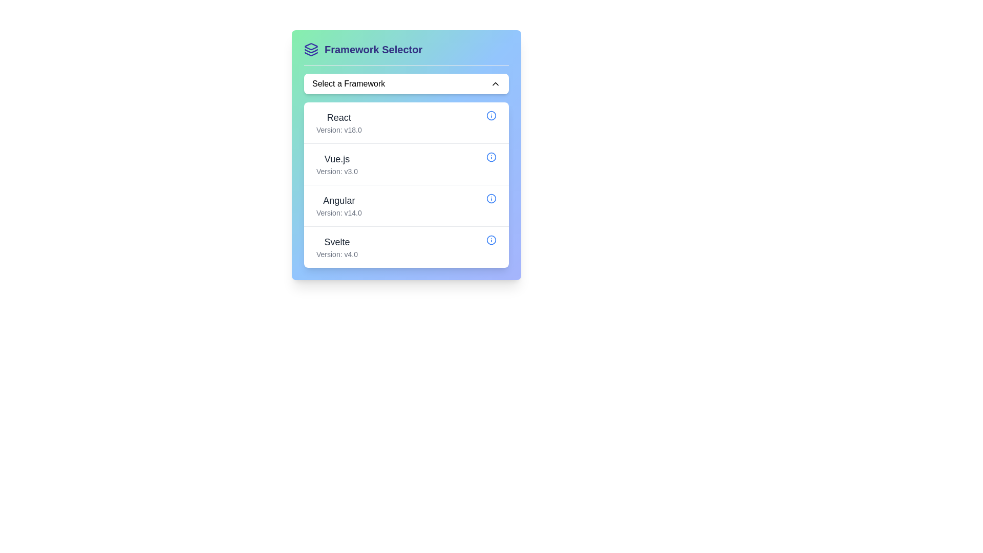 The height and width of the screenshot is (553, 983). Describe the element at coordinates (405, 122) in the screenshot. I see `the first button in the vertical group` at that location.